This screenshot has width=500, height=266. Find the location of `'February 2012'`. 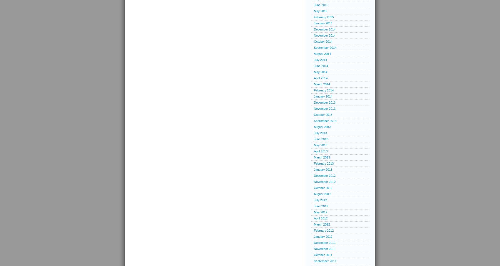

'February 2012' is located at coordinates (323, 231).